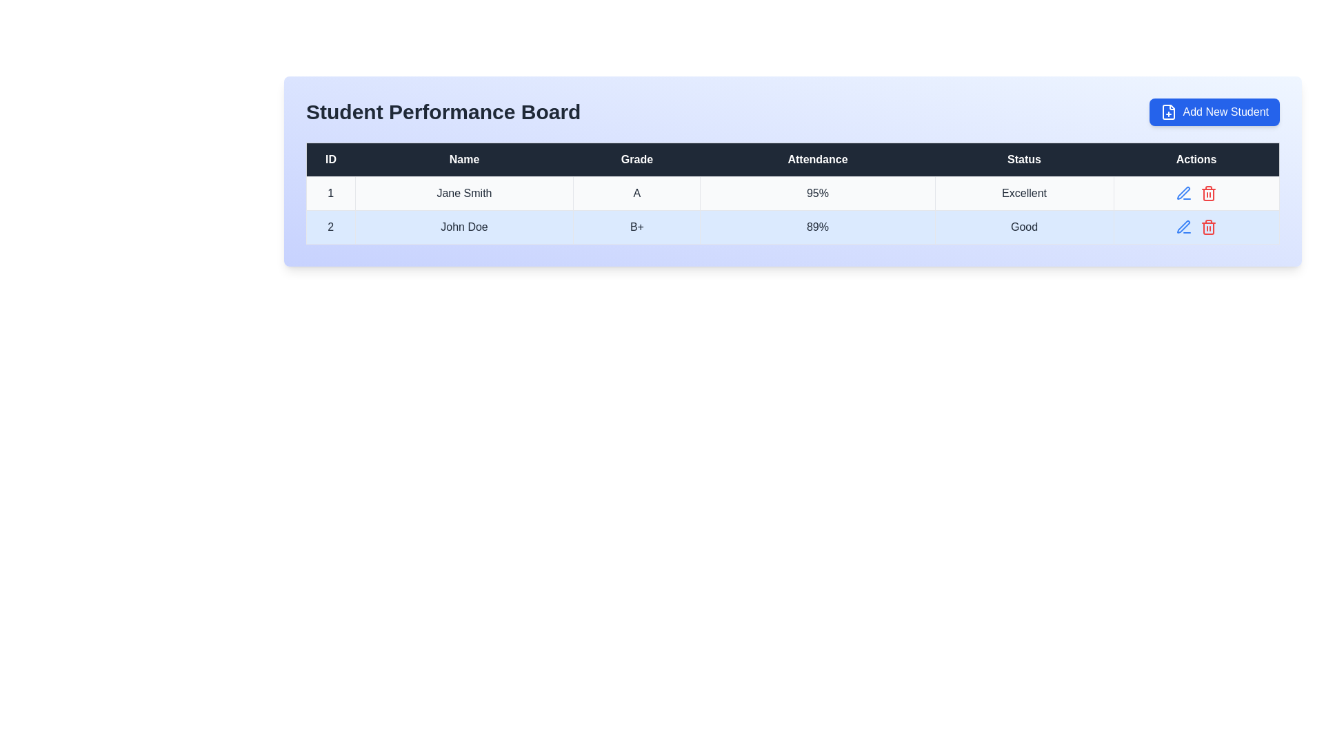 The image size is (1324, 744). What do you see at coordinates (817, 194) in the screenshot?
I see `displayed value '95%' located in the 'Attendance' column, first row of the table for student 'Jane Smith'` at bounding box center [817, 194].